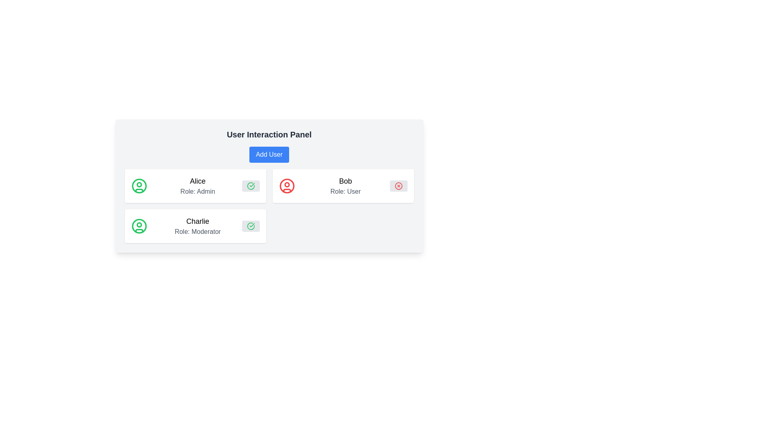 This screenshot has width=771, height=434. What do you see at coordinates (250, 226) in the screenshot?
I see `the confirmation button located in the top-right corner of Charlie's user card, which indicates approval for the user 'Charlie', Role: Moderator` at bounding box center [250, 226].